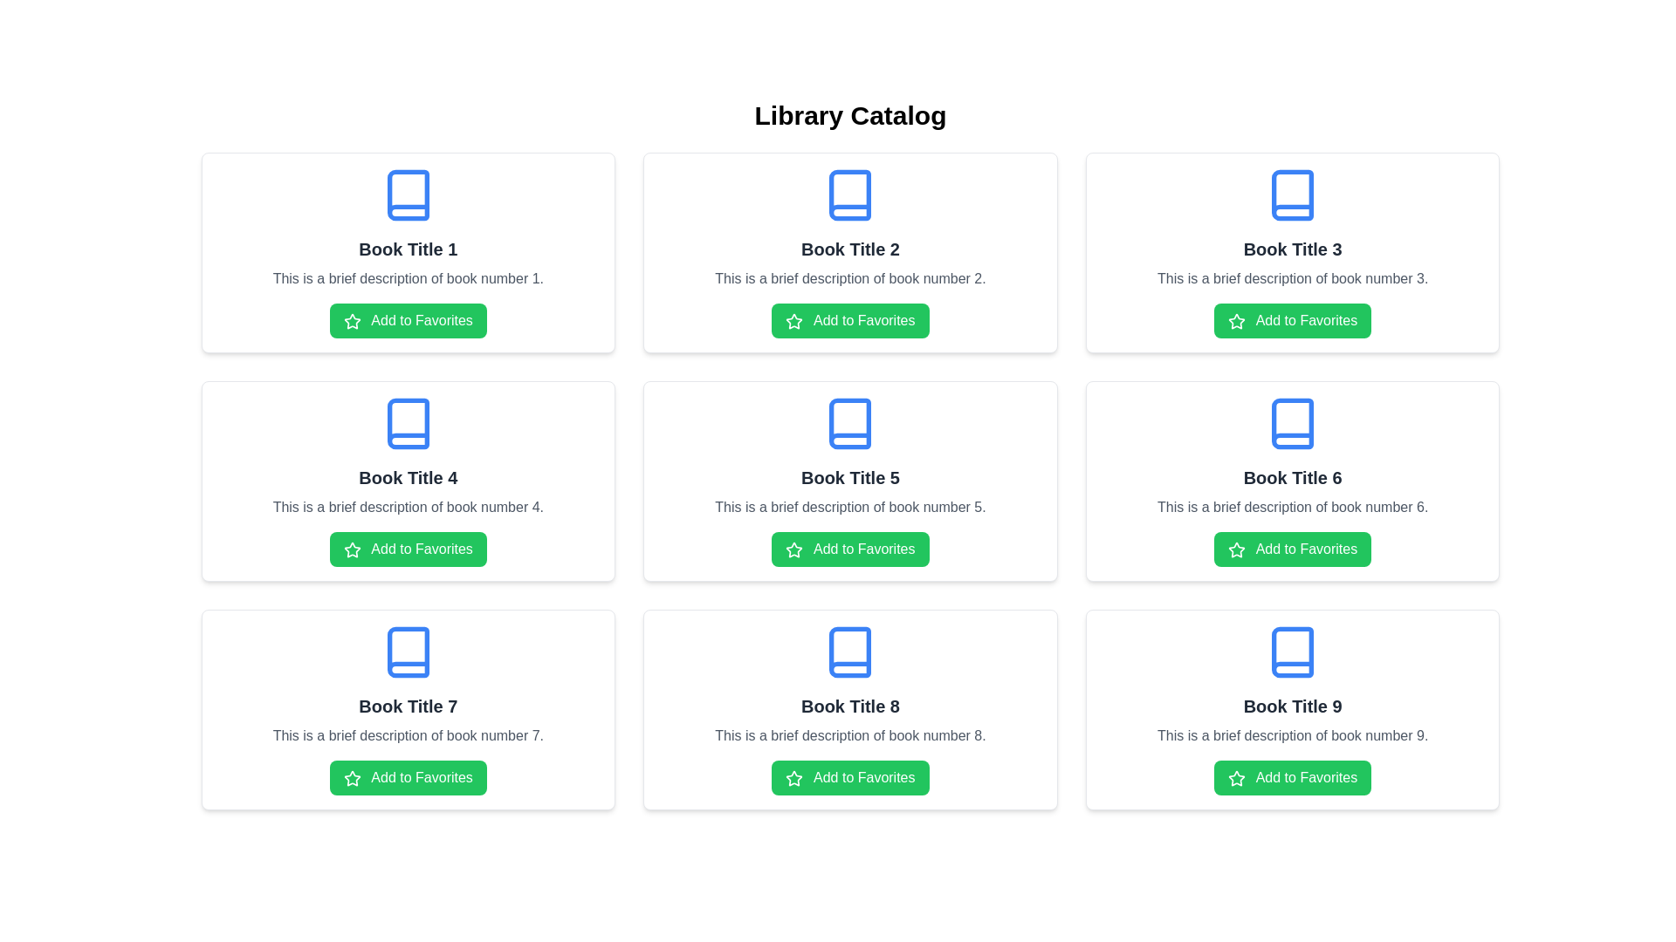  I want to click on the book icon representing 'Book Title 4' located at the top center of the card, visually distinct from the descriptive text and 'Add to Favorites' button, so click(407, 424).